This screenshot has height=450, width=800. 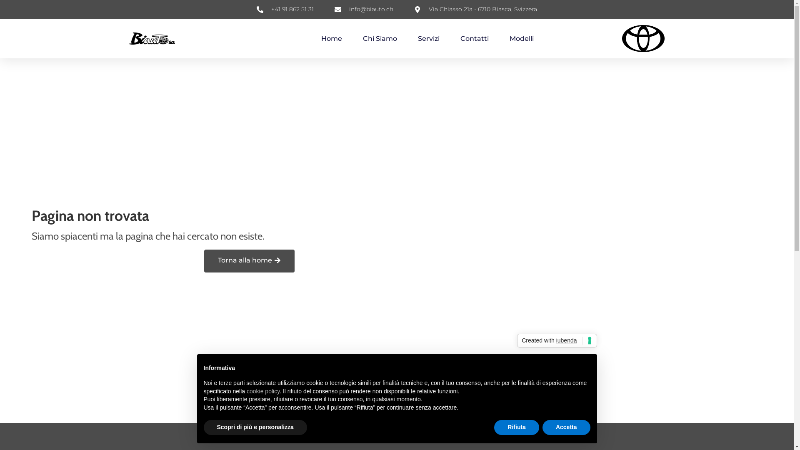 What do you see at coordinates (474, 38) in the screenshot?
I see `'Contatti'` at bounding box center [474, 38].